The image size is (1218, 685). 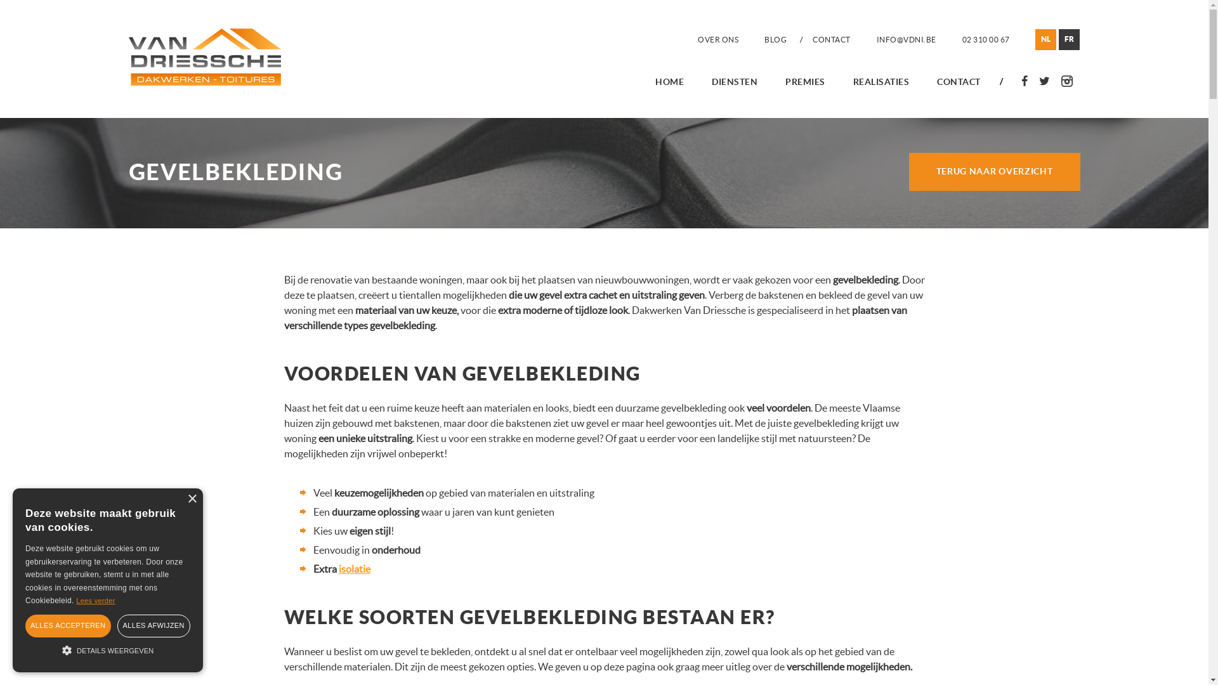 I want to click on 'BLOG', so click(x=775, y=39).